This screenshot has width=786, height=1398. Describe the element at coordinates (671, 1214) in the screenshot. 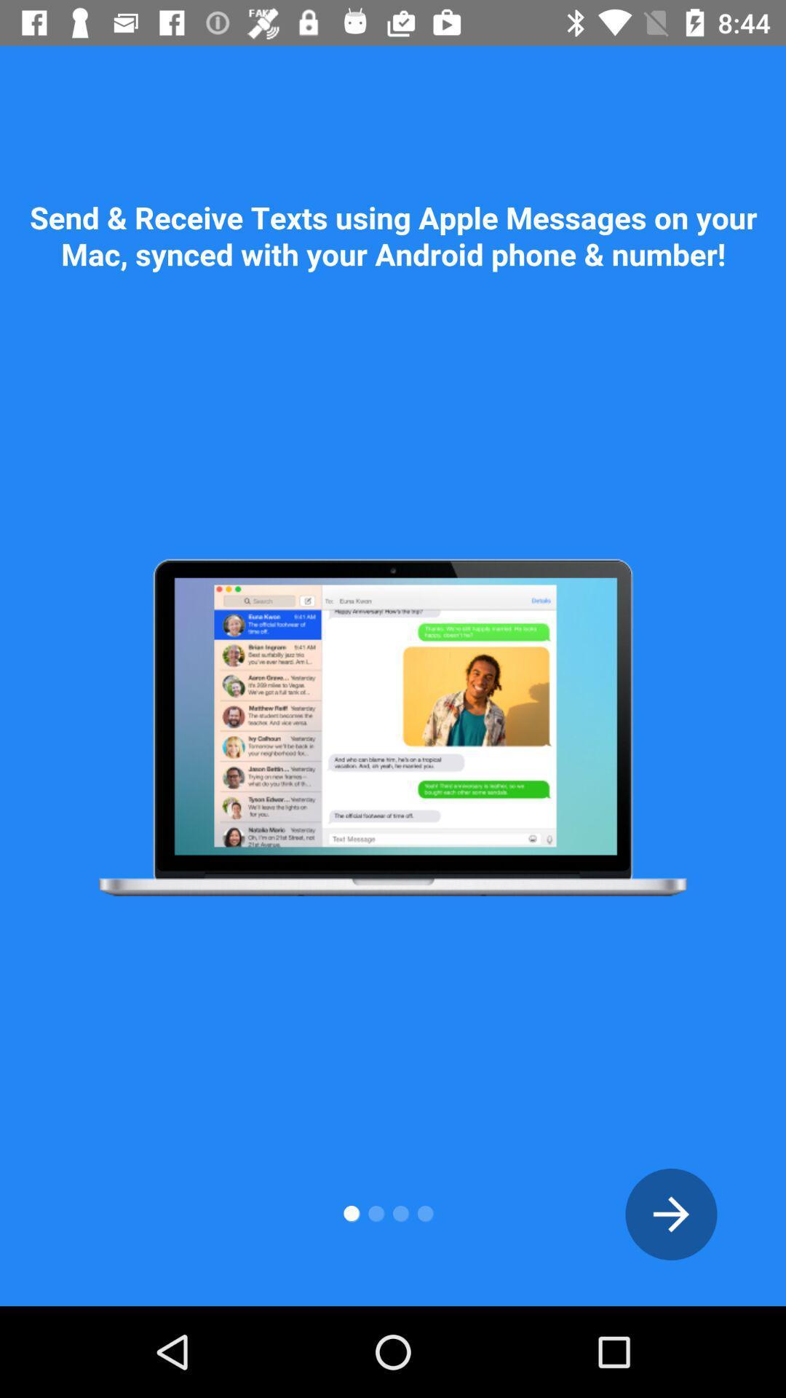

I see `back` at that location.